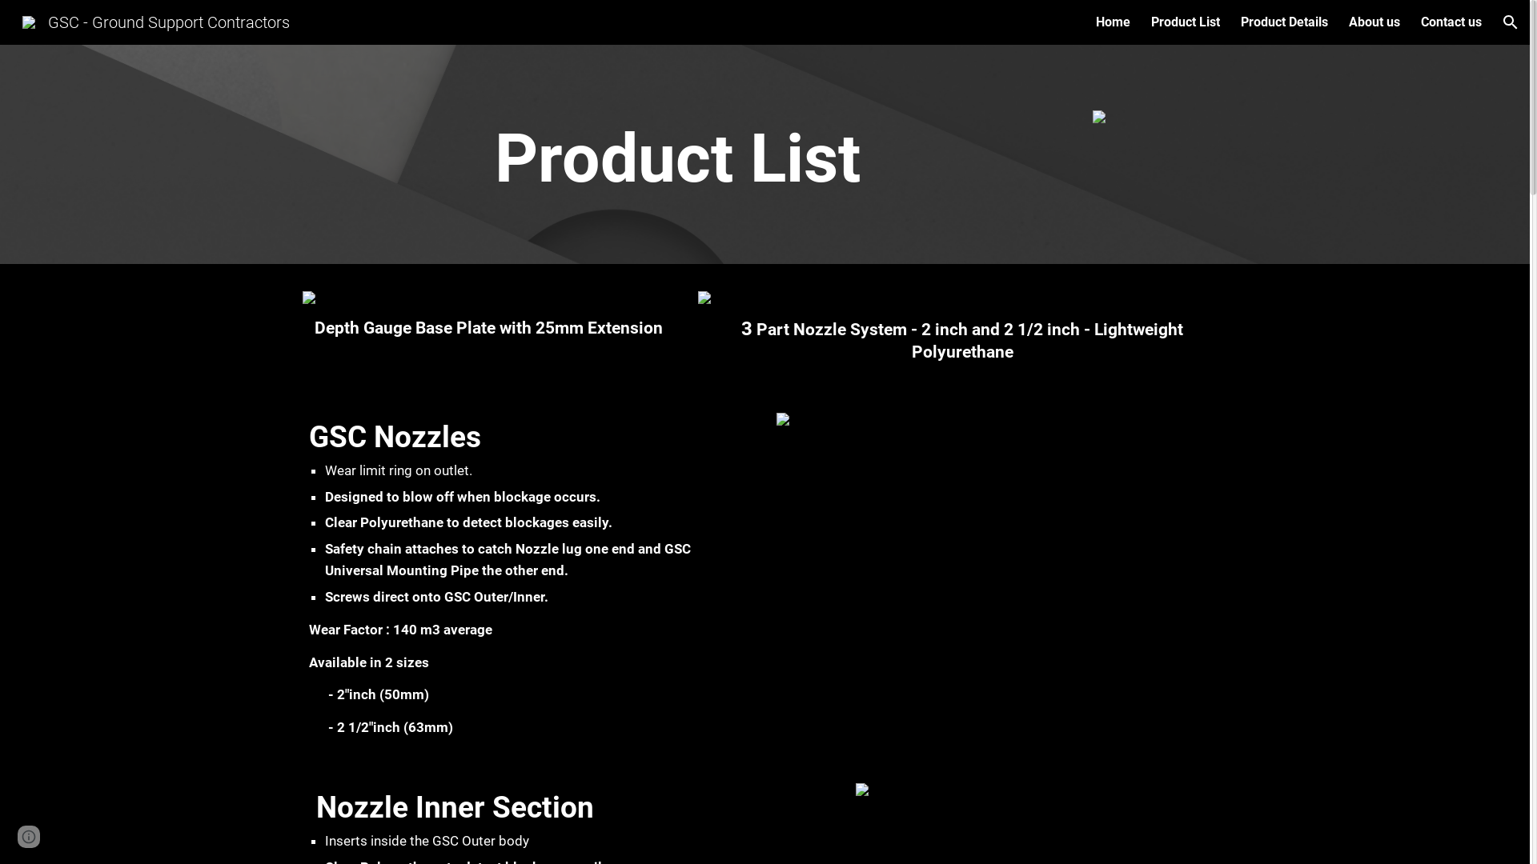  I want to click on 'About us', so click(1374, 22).